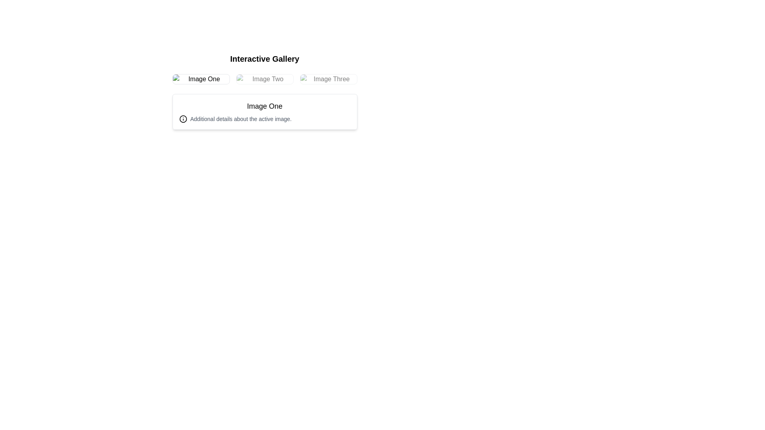  I want to click on the outermost circle of the information icon located in the center-left region of the 'Additional details about the active image' section, so click(182, 119).